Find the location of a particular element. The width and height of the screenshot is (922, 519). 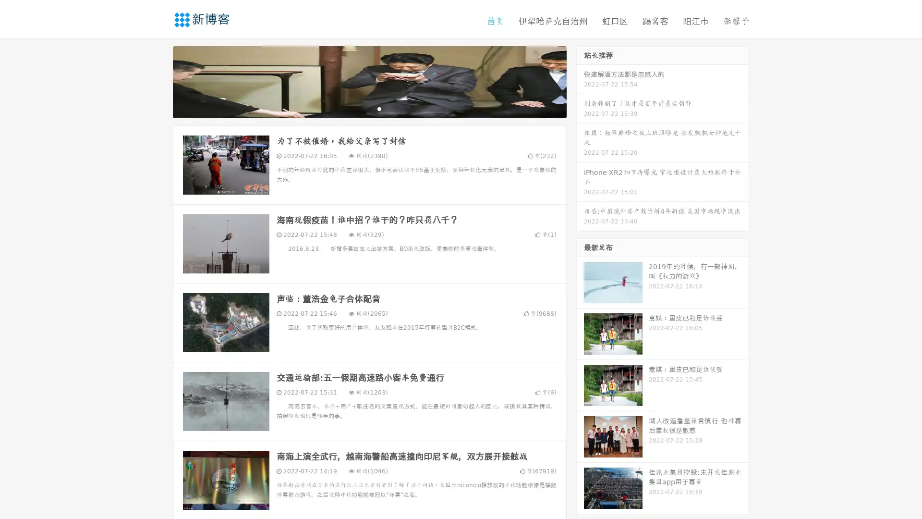

Previous slide is located at coordinates (158, 81).